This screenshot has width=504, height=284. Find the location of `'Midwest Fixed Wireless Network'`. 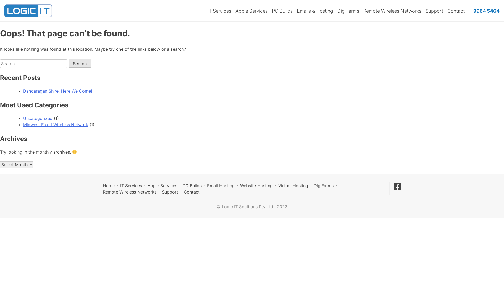

'Midwest Fixed Wireless Network' is located at coordinates (55, 125).